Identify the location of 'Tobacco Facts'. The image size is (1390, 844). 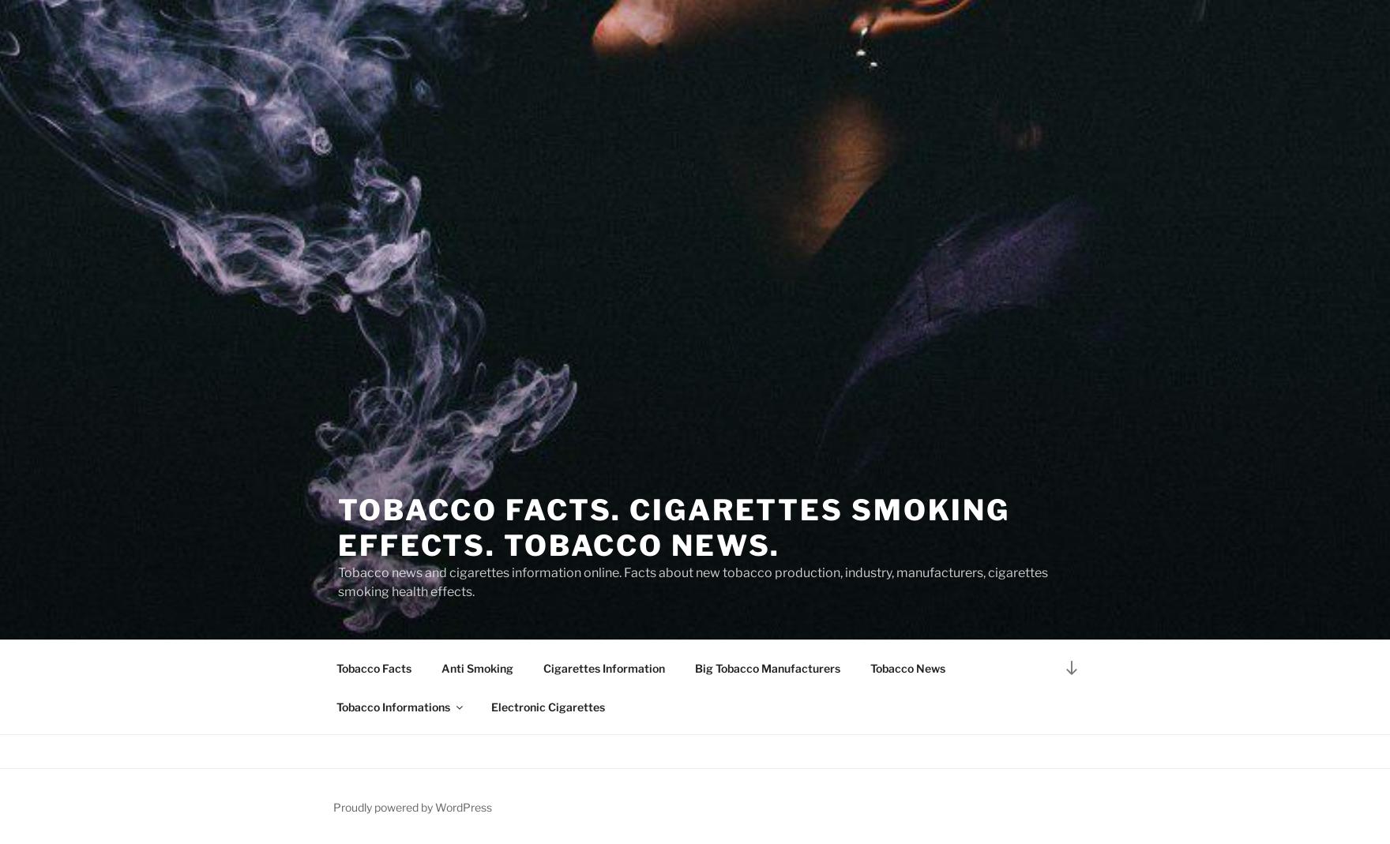
(373, 667).